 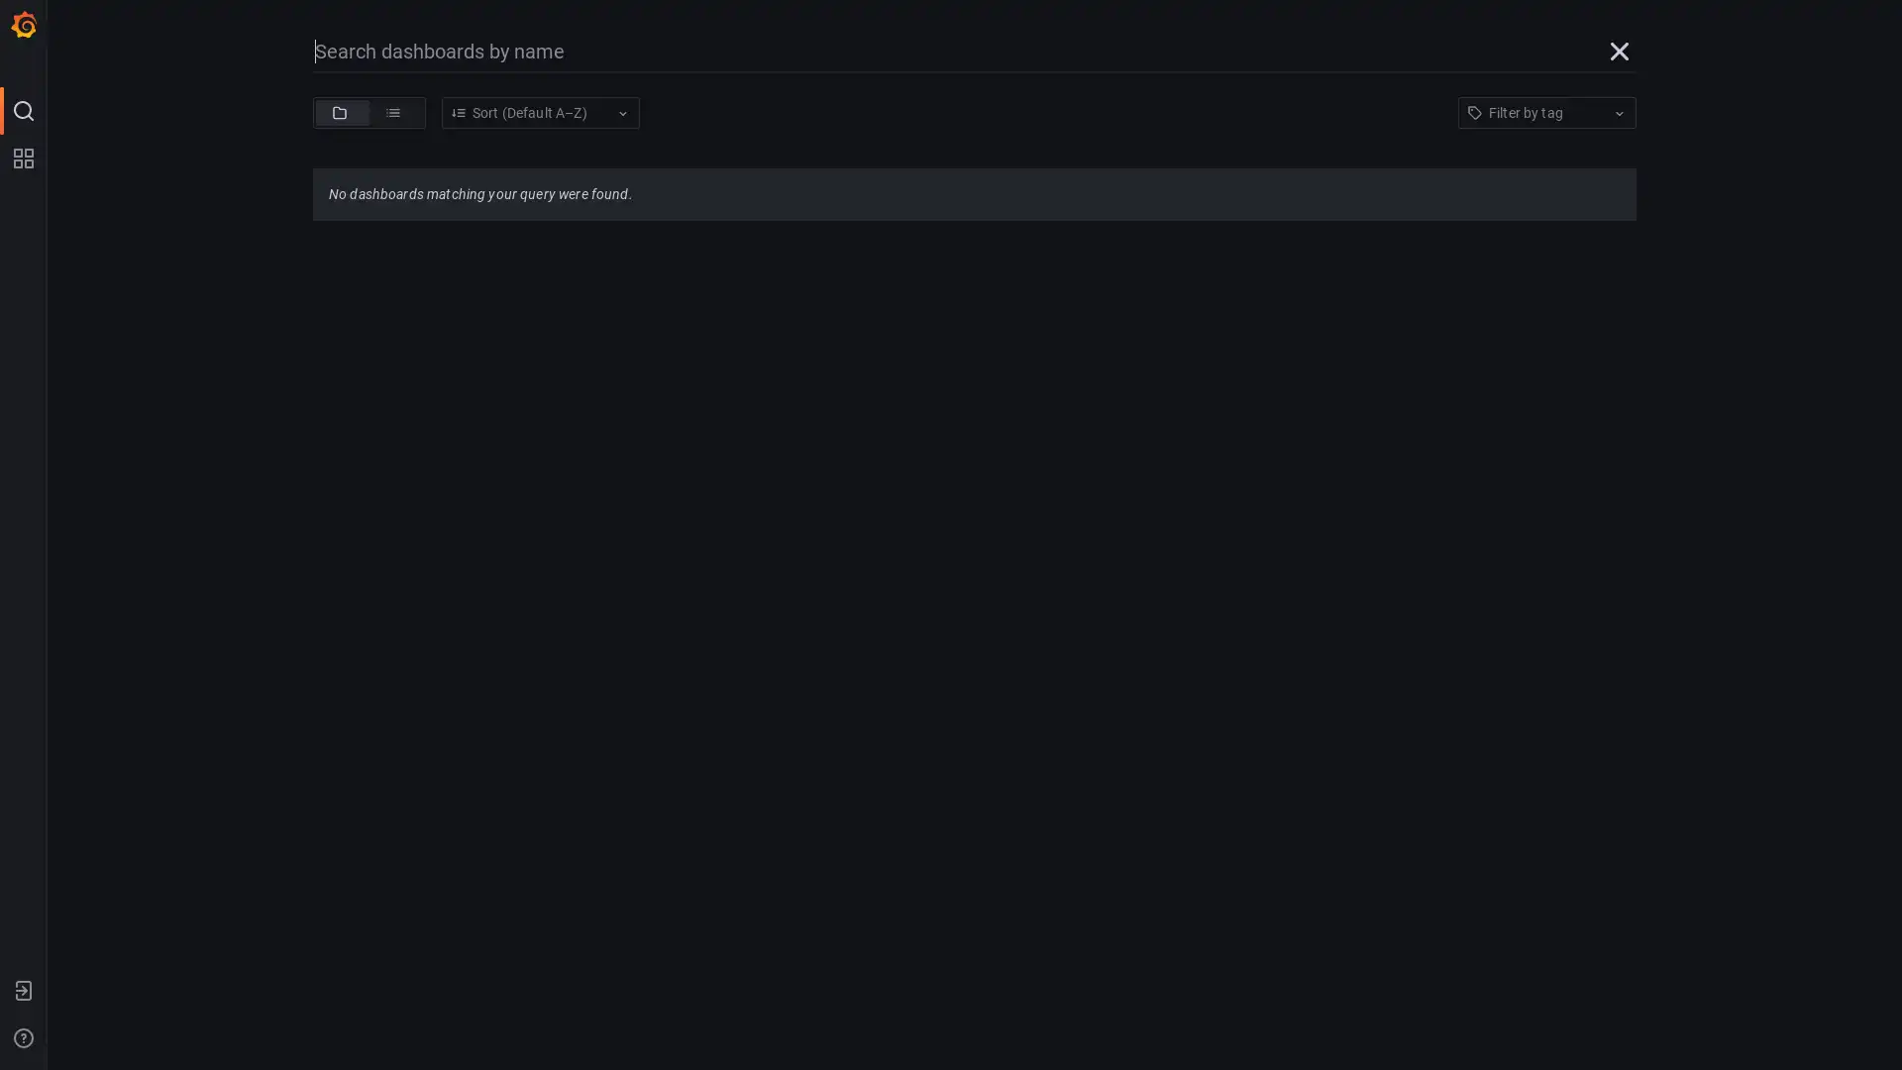 What do you see at coordinates (251, 31) in the screenshot?
I see `Share dashboard or panel` at bounding box center [251, 31].